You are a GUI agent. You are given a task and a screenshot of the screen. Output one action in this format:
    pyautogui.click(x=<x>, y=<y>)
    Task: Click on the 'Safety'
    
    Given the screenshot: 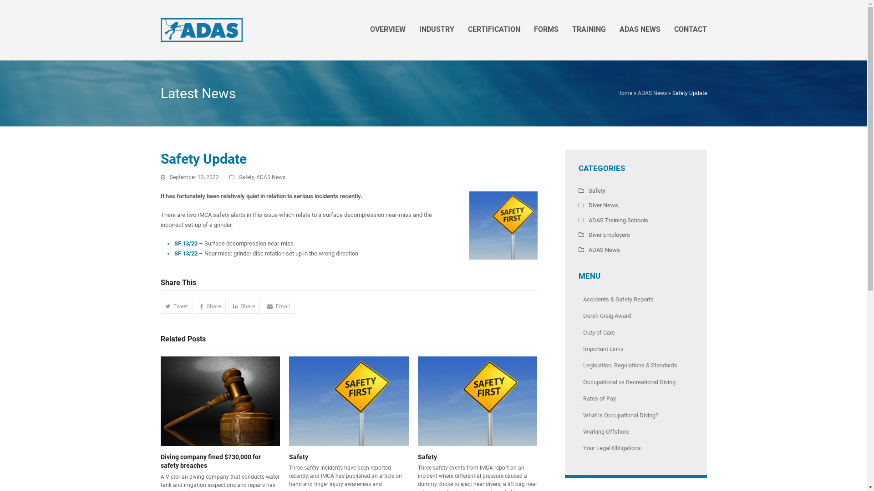 What is the action you would take?
    pyautogui.click(x=348, y=400)
    